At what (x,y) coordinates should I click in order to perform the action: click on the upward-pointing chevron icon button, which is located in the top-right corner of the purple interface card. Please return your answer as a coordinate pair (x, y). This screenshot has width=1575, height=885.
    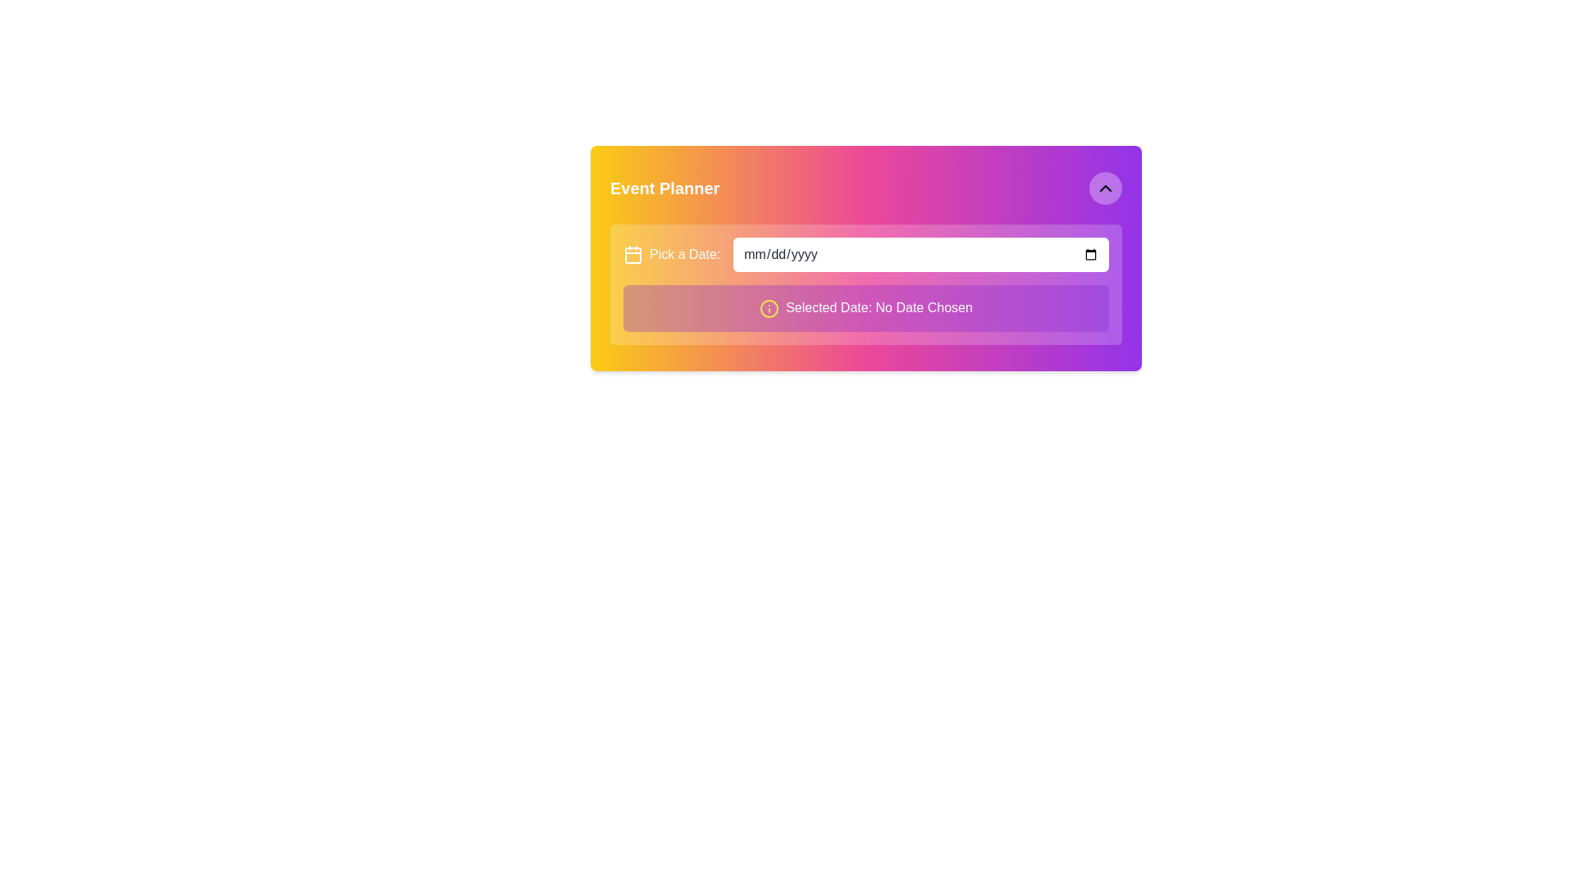
    Looking at the image, I should click on (1106, 188).